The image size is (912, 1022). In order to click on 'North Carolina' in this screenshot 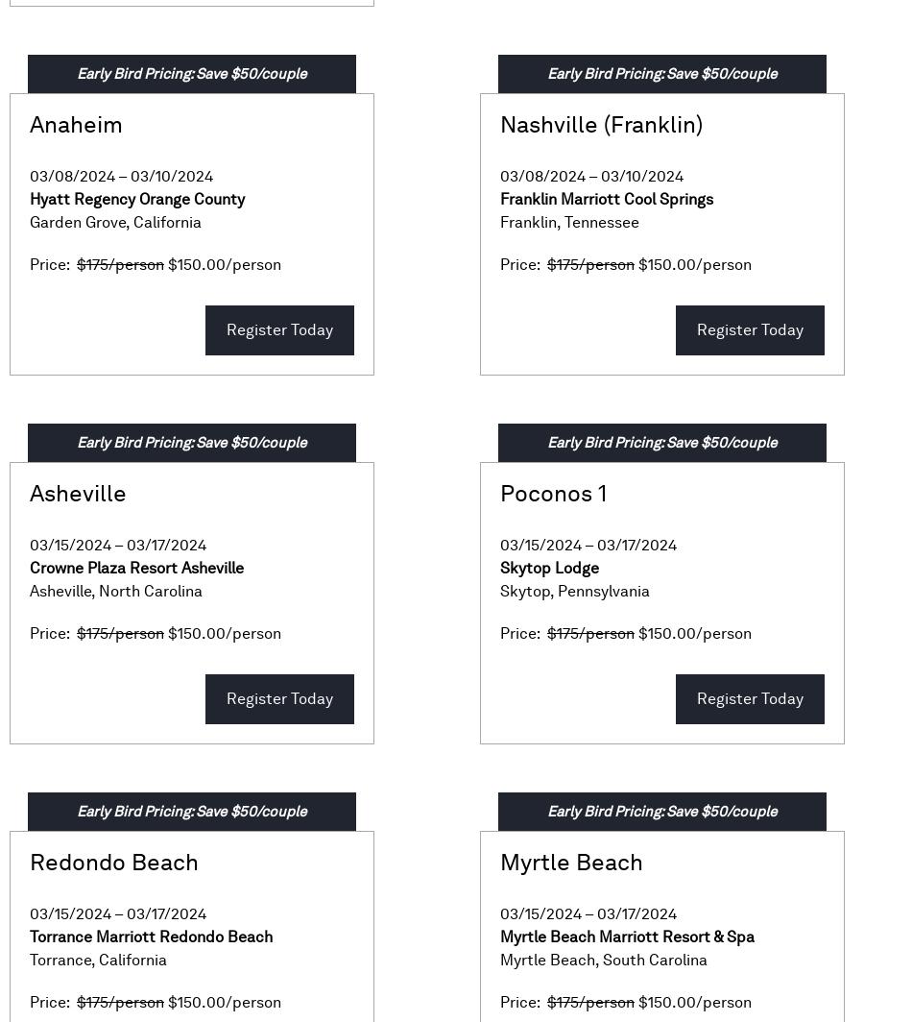, I will do `click(151, 591)`.